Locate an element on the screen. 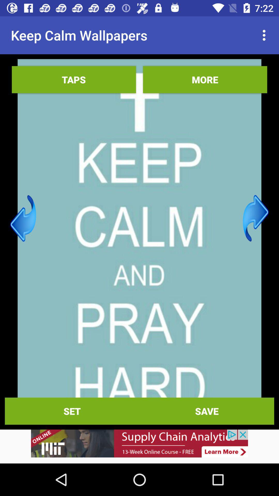 This screenshot has height=496, width=279. interact with advertisement is located at coordinates (139, 446).